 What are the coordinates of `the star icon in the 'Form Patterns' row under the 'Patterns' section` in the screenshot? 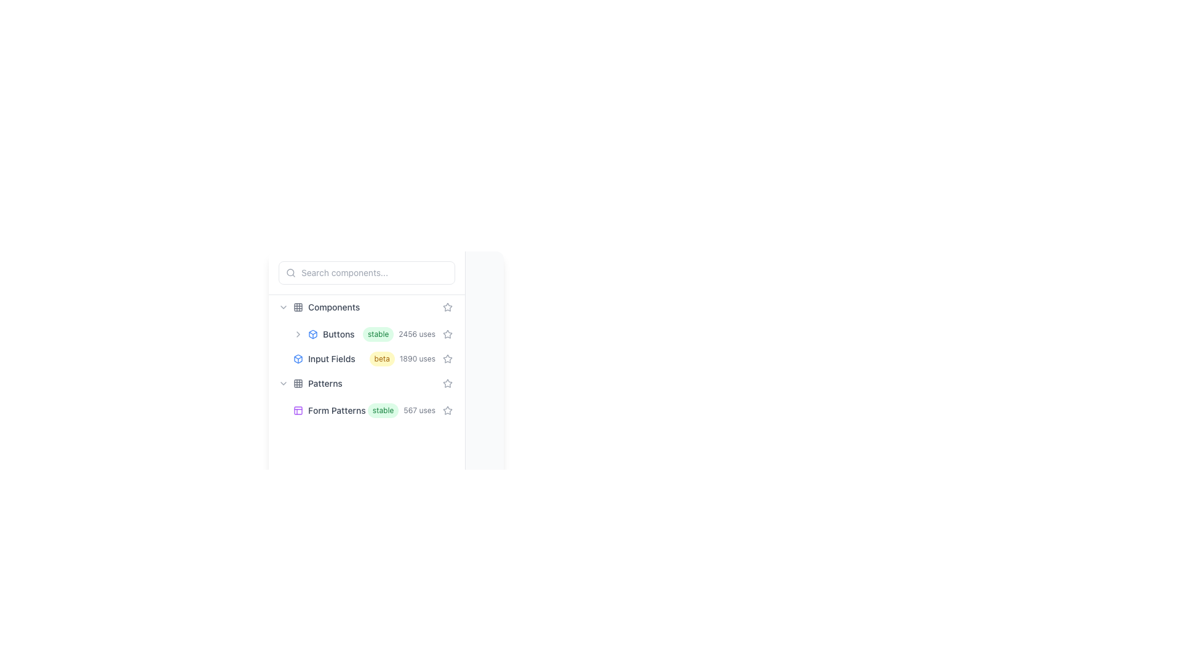 It's located at (447, 410).